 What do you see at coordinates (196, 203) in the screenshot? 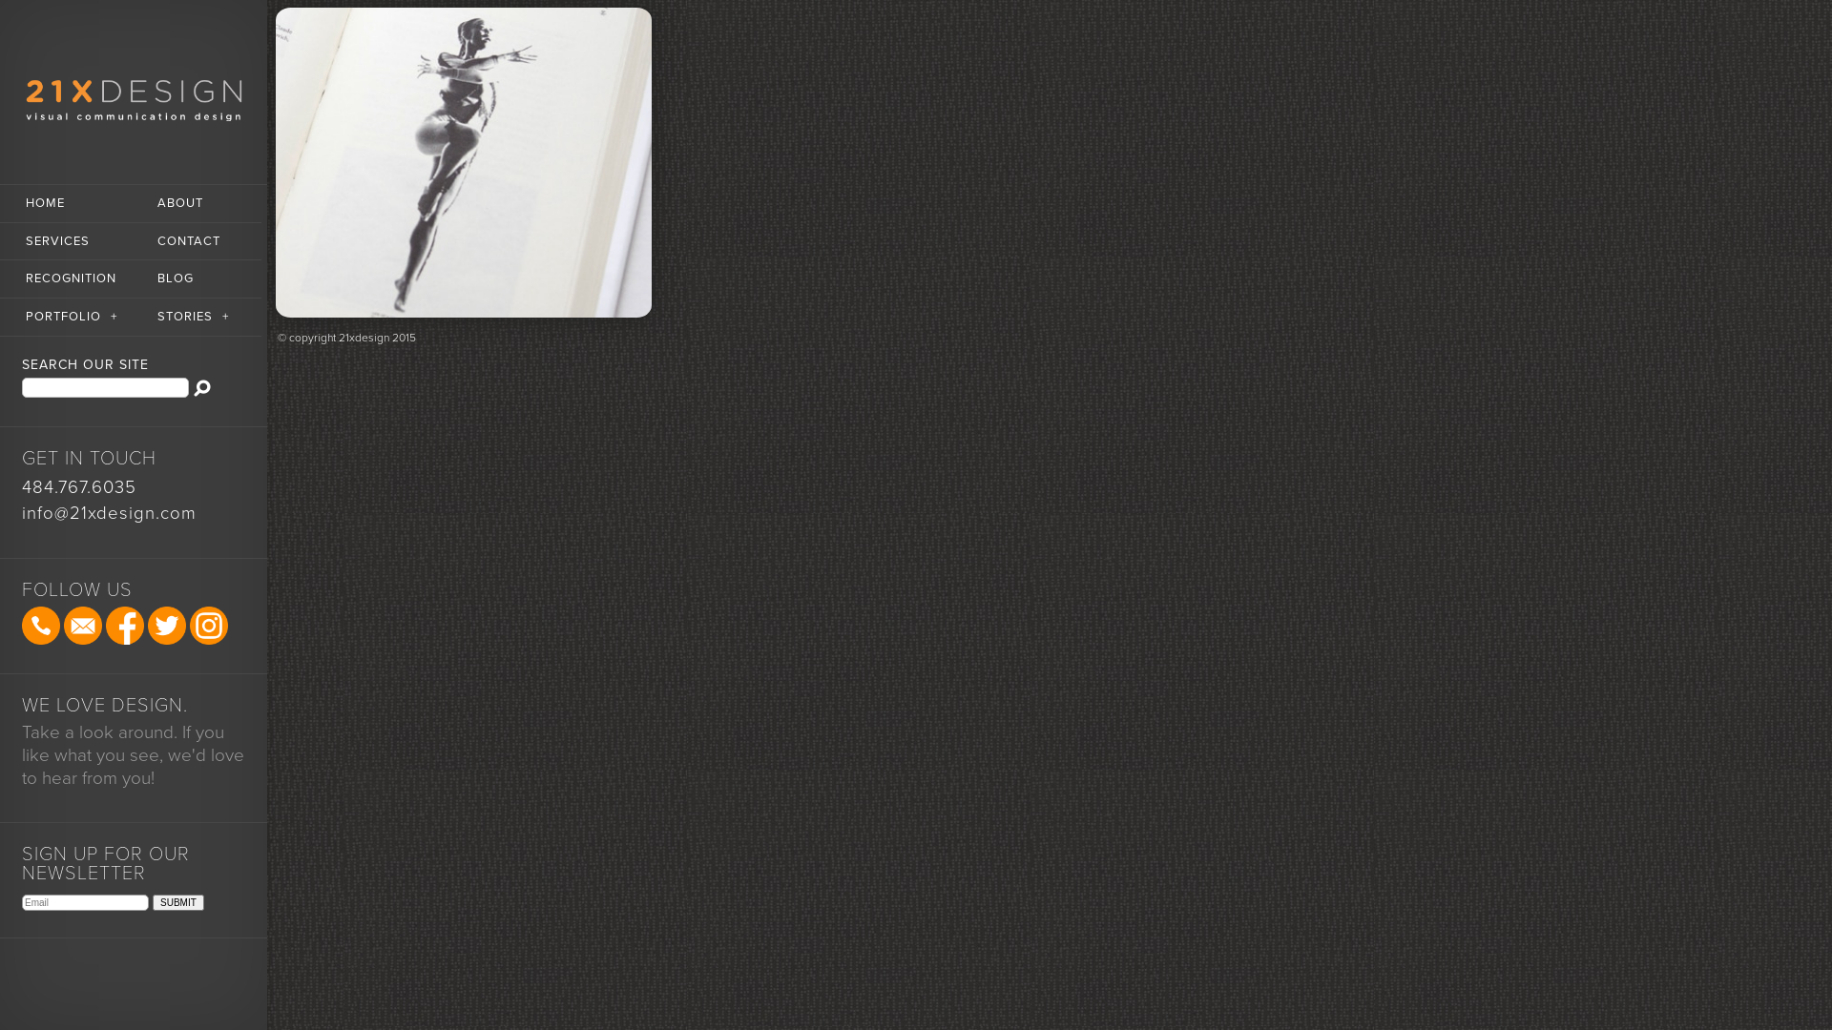
I see `'ABOUT'` at bounding box center [196, 203].